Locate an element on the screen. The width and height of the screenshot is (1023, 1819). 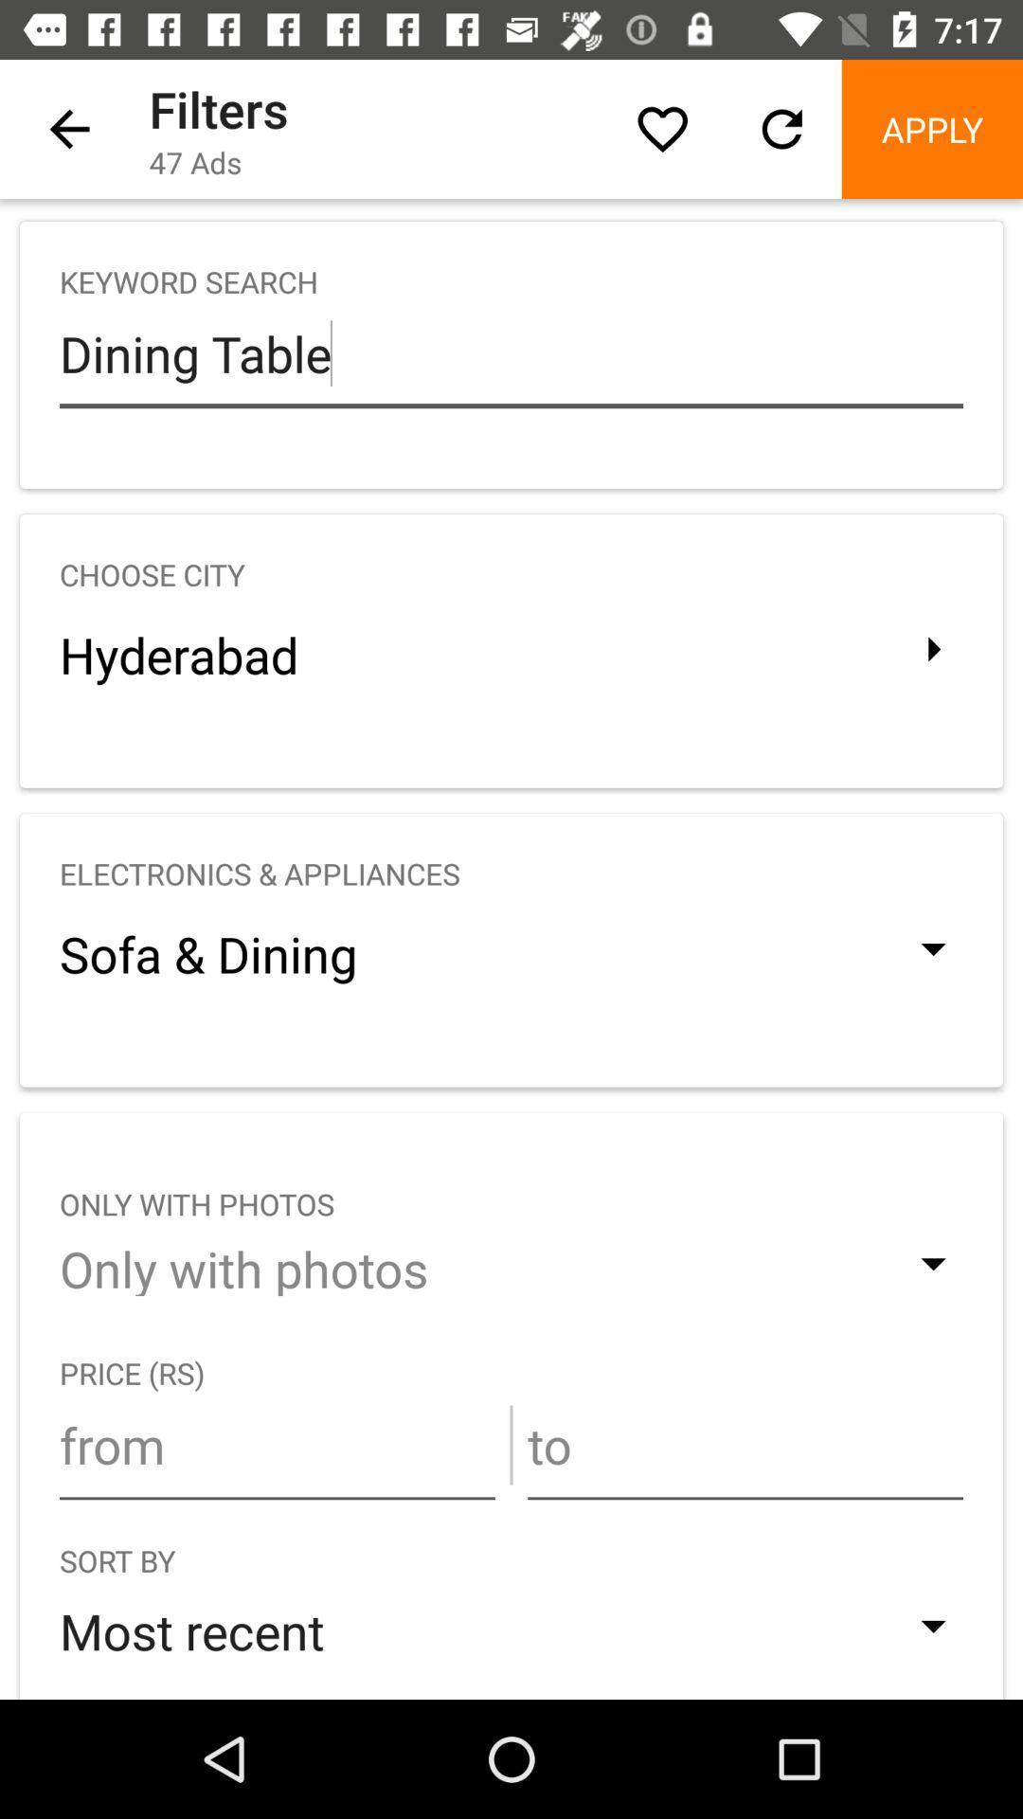
the icon above keyword search is located at coordinates (68, 128).